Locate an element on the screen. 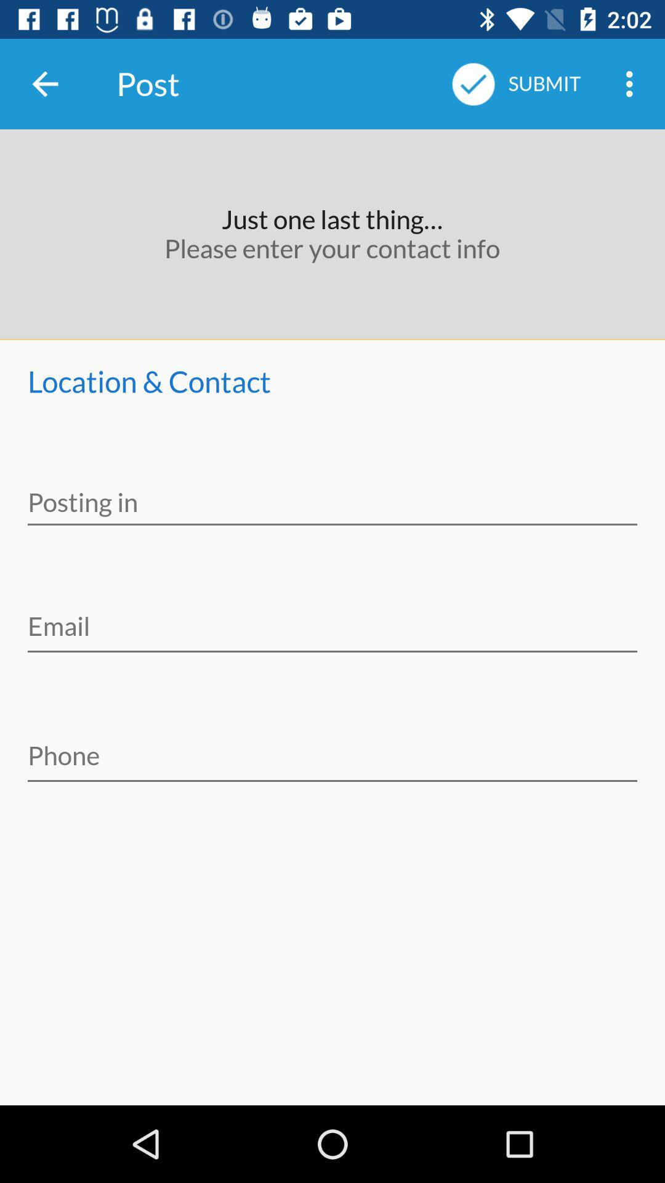 The height and width of the screenshot is (1183, 665). phone number is located at coordinates (332, 747).